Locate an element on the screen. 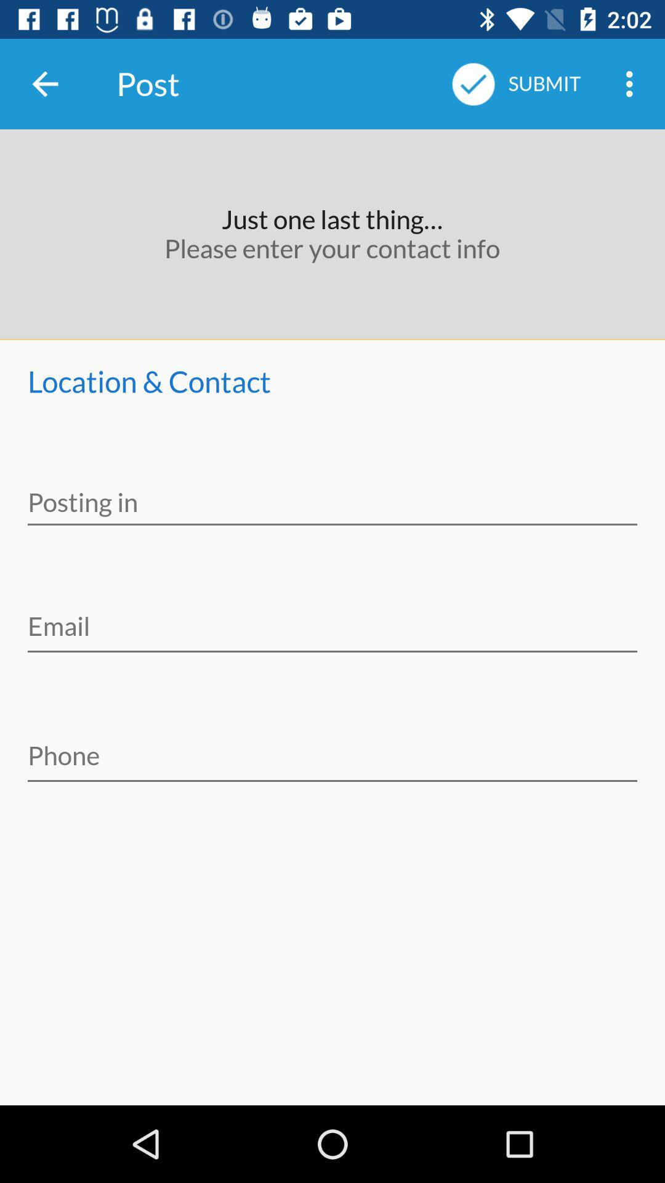 The height and width of the screenshot is (1183, 665). phone number is located at coordinates (332, 747).